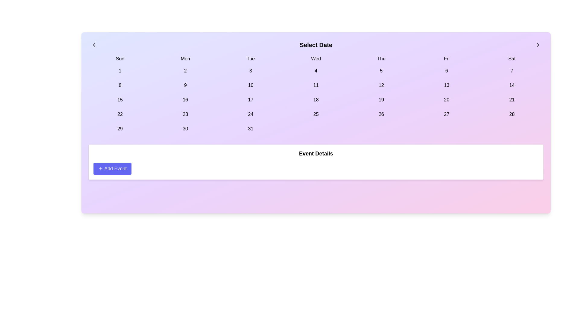 This screenshot has height=326, width=579. Describe the element at coordinates (381, 114) in the screenshot. I see `the rectangular button with a light purple background and the text '26' centered within it` at that location.